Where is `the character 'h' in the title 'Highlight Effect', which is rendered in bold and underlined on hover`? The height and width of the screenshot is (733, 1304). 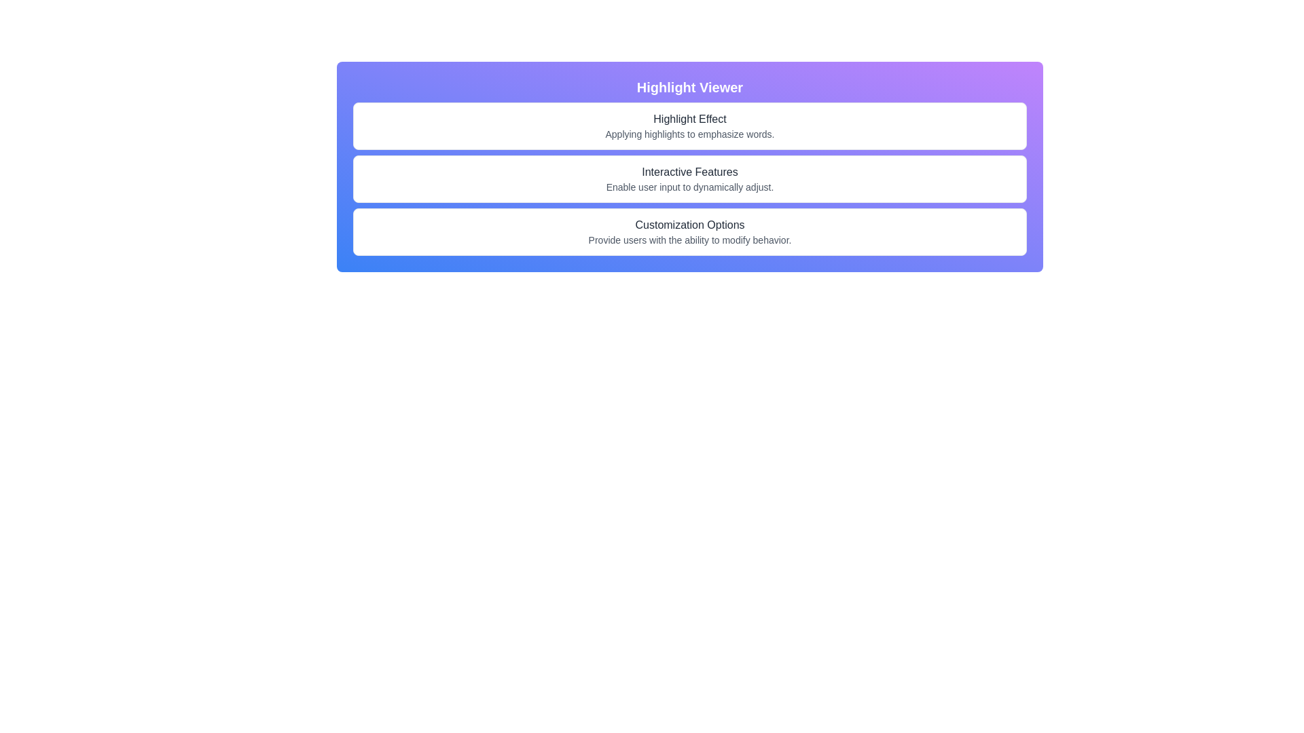 the character 'h' in the title 'Highlight Effect', which is rendered in bold and underlined on hover is located at coordinates (672, 118).